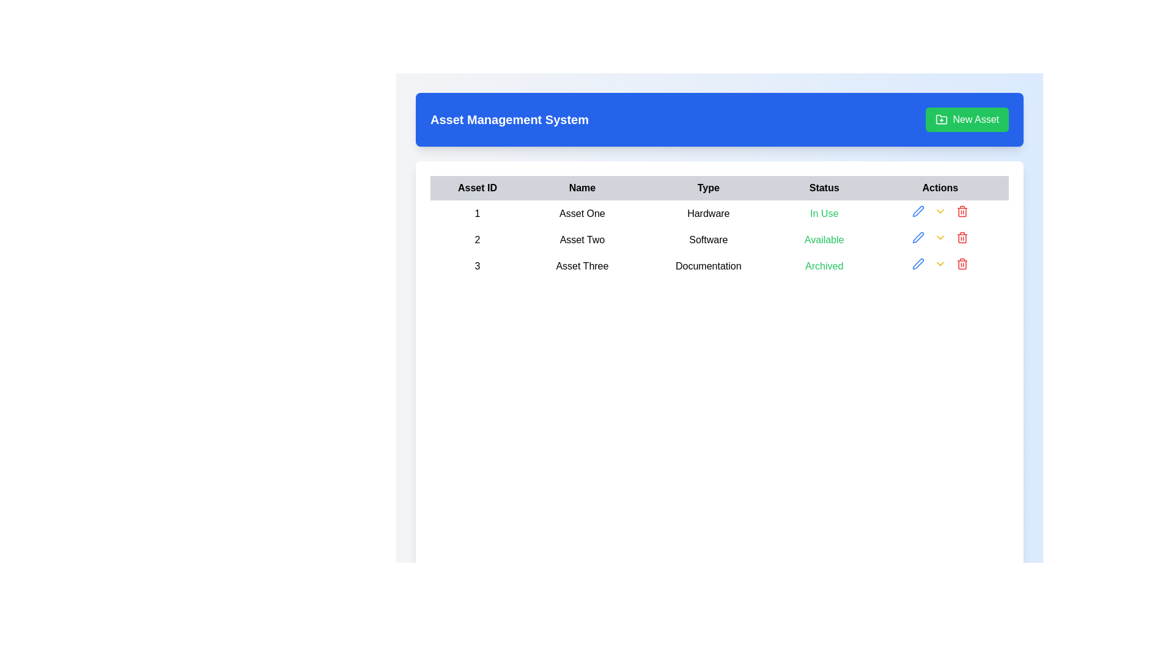  Describe the element at coordinates (824, 213) in the screenshot. I see `the status indicator text label for 'Asset One' which displays 'In Use' in the 'Status' column of the table` at that location.